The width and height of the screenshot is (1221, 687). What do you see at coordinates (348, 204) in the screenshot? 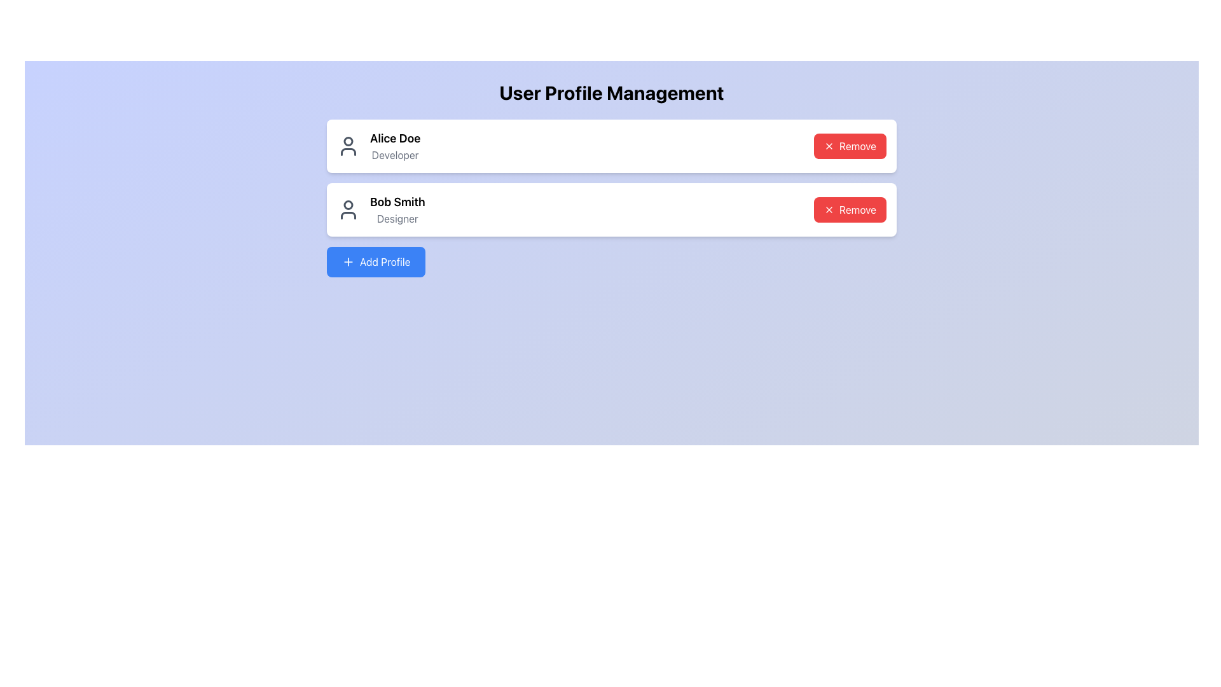
I see `the circular graphical component representing the profile picture of the user named 'Bob Smith' located in the user's profile section` at bounding box center [348, 204].